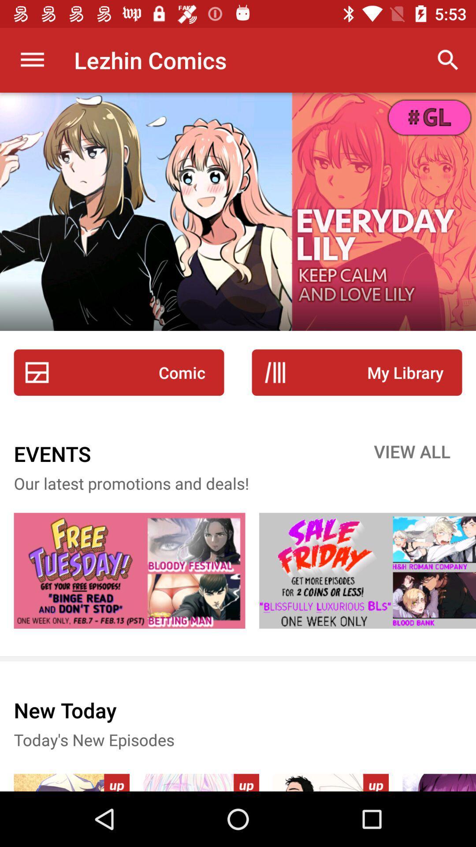  I want to click on website, so click(367, 570).